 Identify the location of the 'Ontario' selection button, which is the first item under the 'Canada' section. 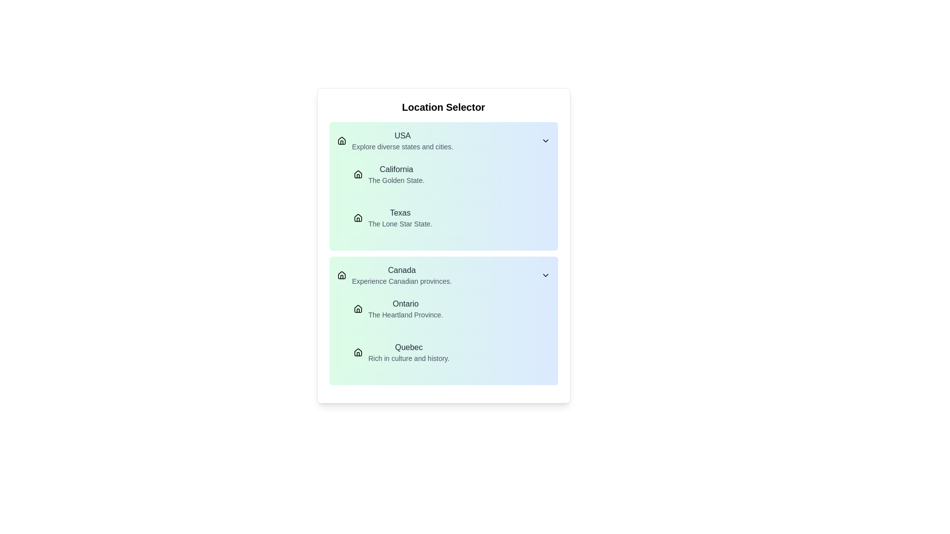
(447, 308).